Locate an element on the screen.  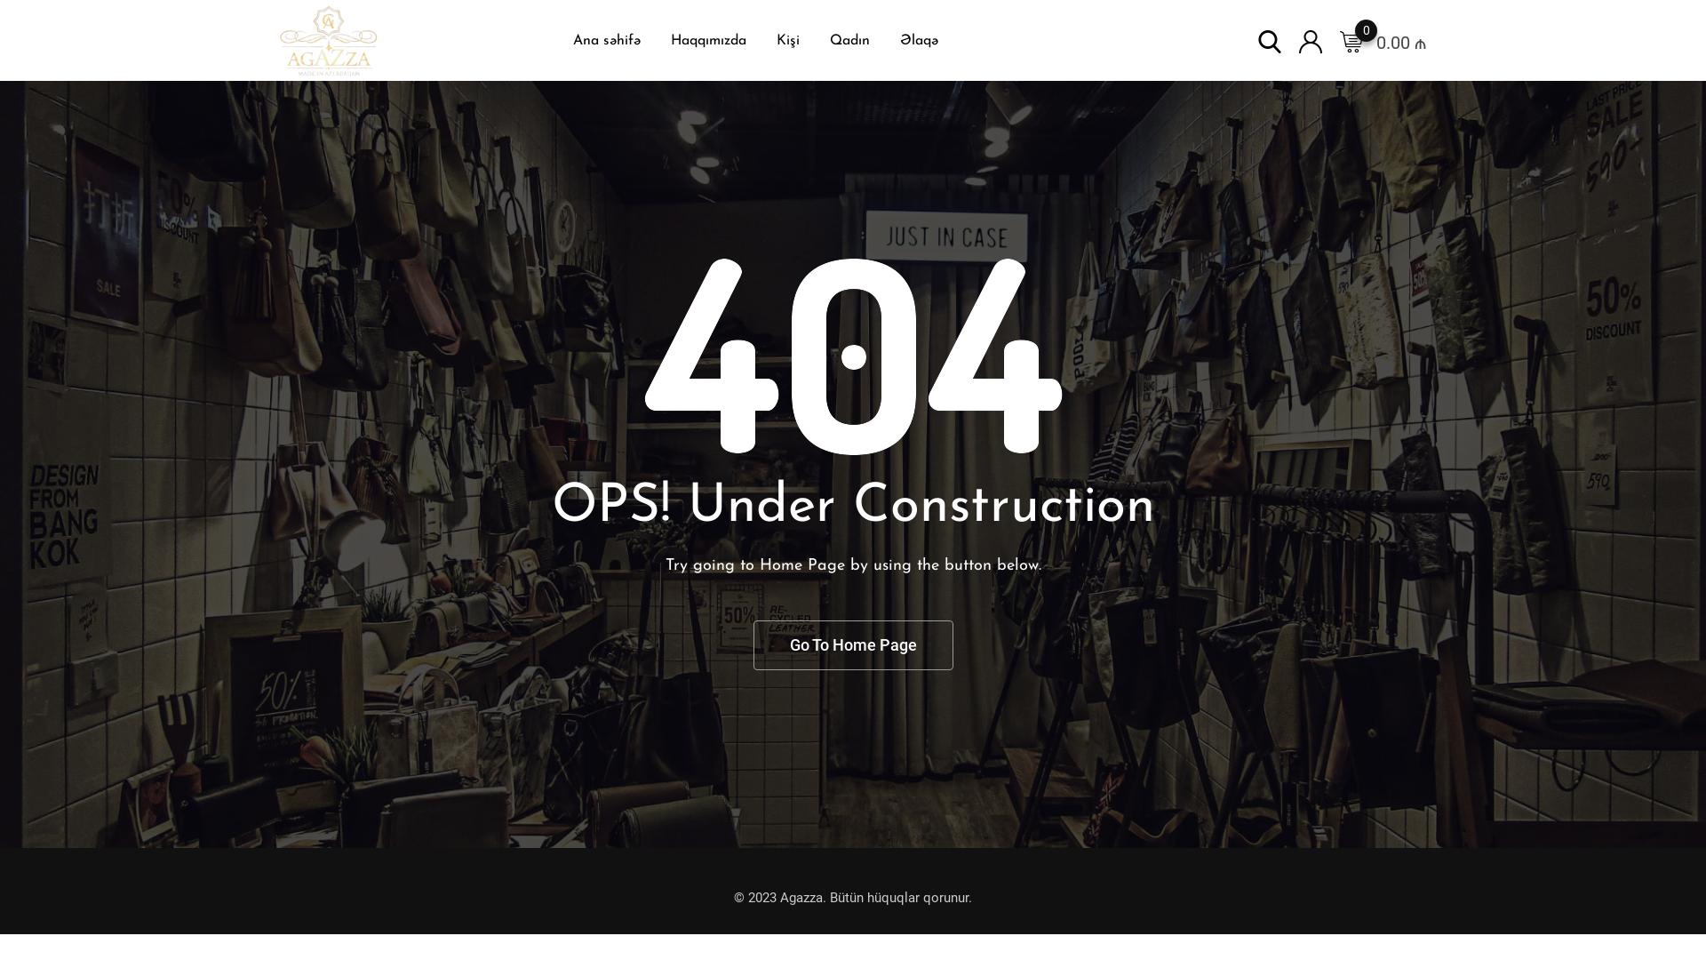
'Go To Home Page' is located at coordinates (853, 644).